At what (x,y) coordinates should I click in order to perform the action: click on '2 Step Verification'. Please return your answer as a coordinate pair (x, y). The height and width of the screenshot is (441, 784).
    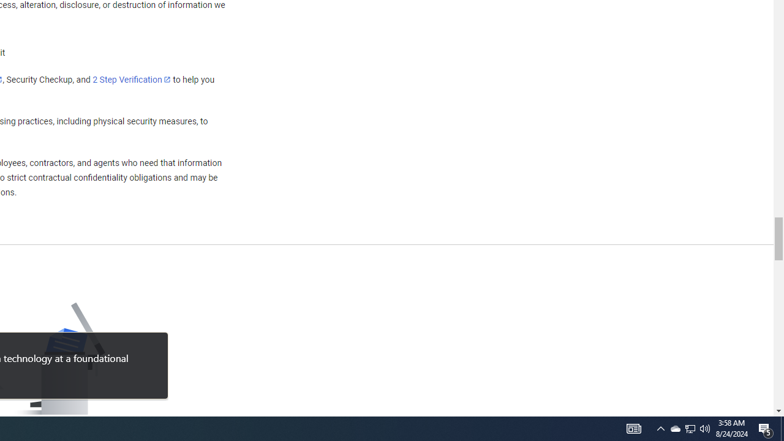
    Looking at the image, I should click on (132, 79).